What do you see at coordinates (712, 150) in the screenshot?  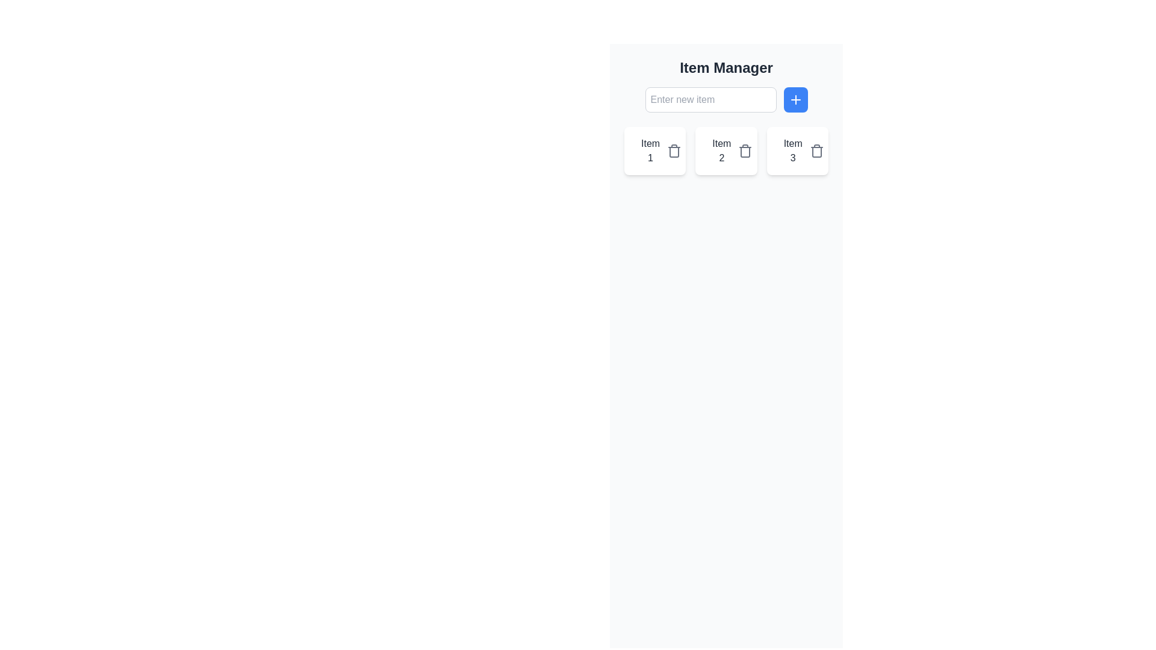 I see `the star icon located below the label 'Item 2' in the second card` at bounding box center [712, 150].